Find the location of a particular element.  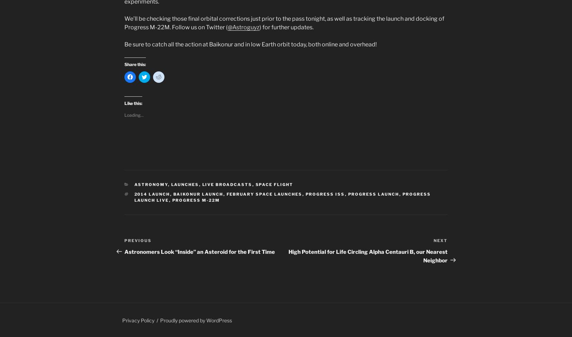

'Live Broadcasts' is located at coordinates (227, 184).